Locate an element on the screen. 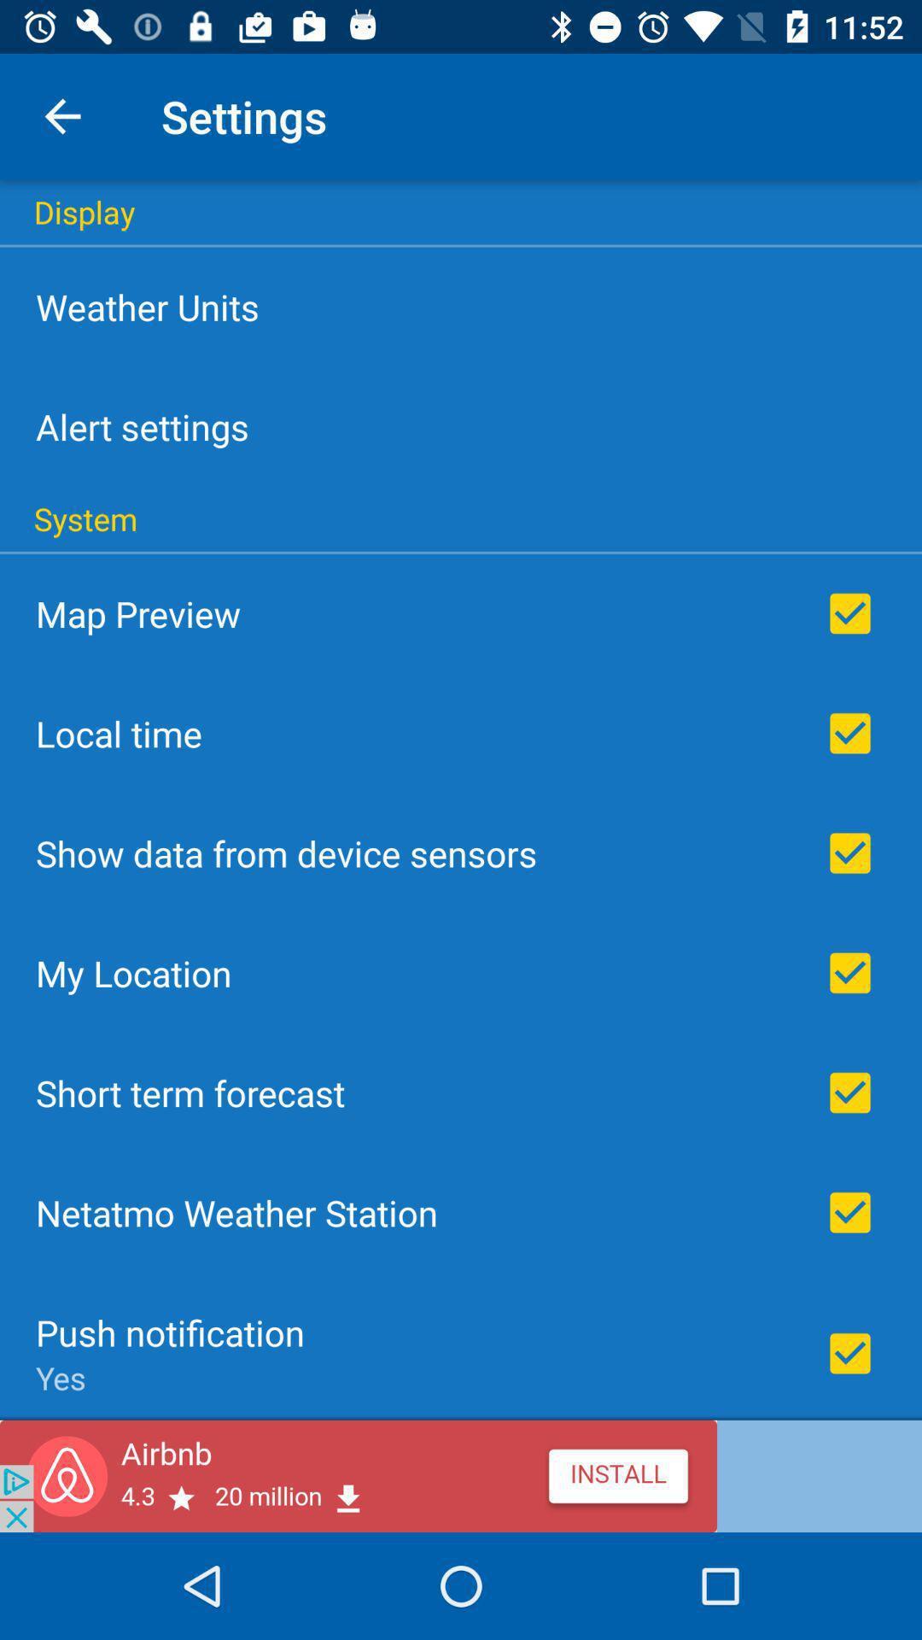  airbnb app advertisement is located at coordinates (461, 1475).